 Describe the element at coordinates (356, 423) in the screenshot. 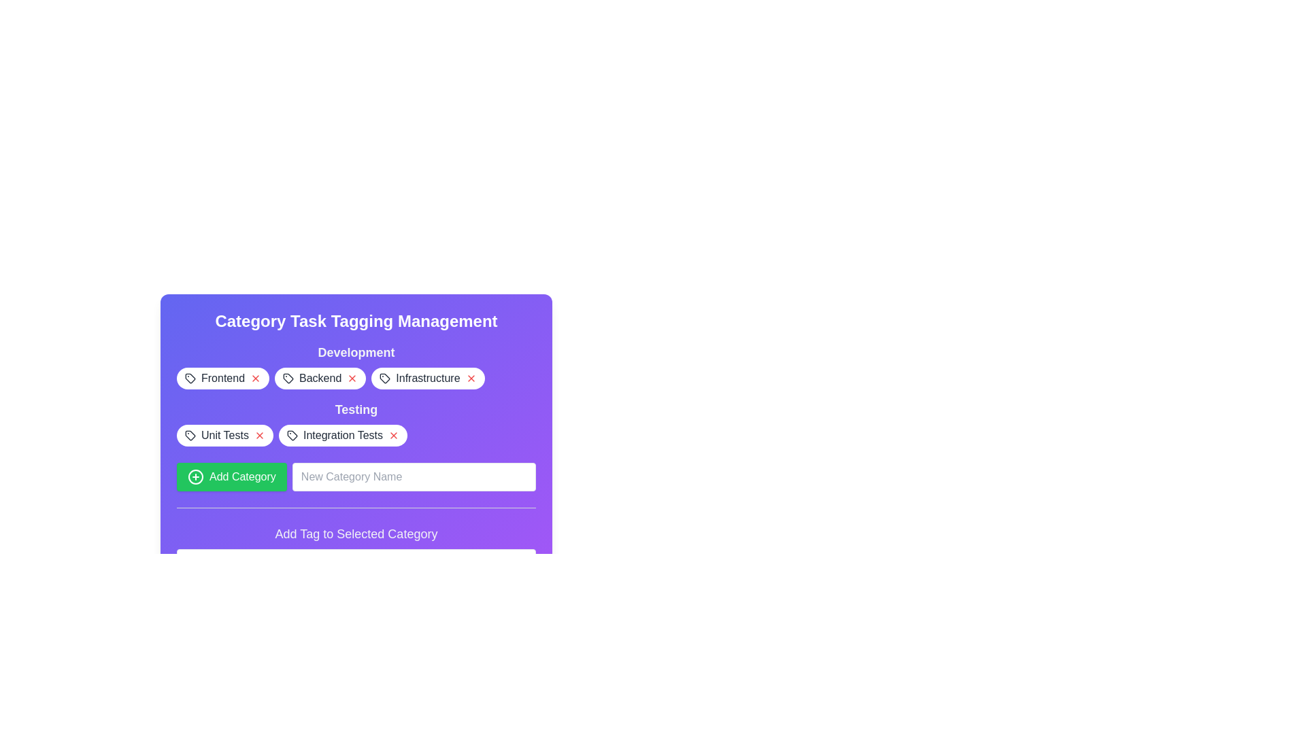

I see `the Category section with tags located below the Development section and above input fields for adding categories` at that location.